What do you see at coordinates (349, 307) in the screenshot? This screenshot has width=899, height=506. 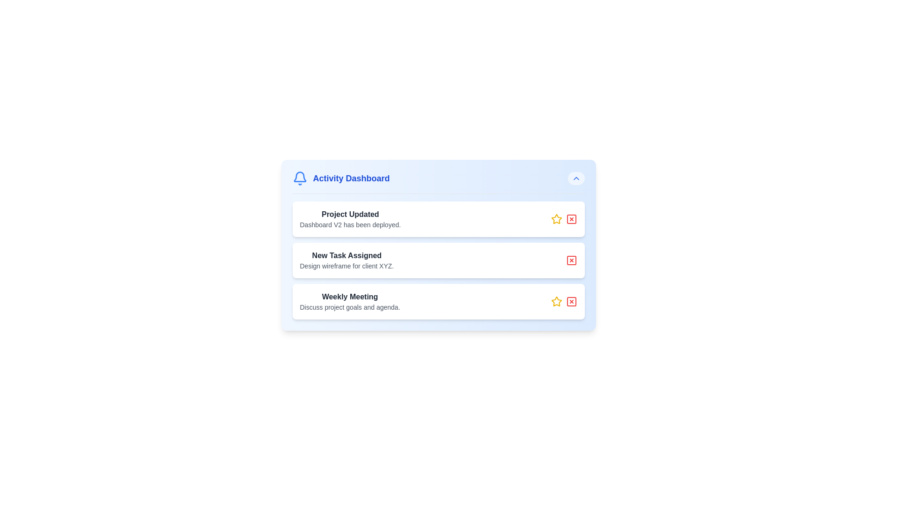 I see `the text label that reads 'Discuss project goals and agenda.' located under the heading 'Weekly Meeting' in the Activity Dashboard section` at bounding box center [349, 307].